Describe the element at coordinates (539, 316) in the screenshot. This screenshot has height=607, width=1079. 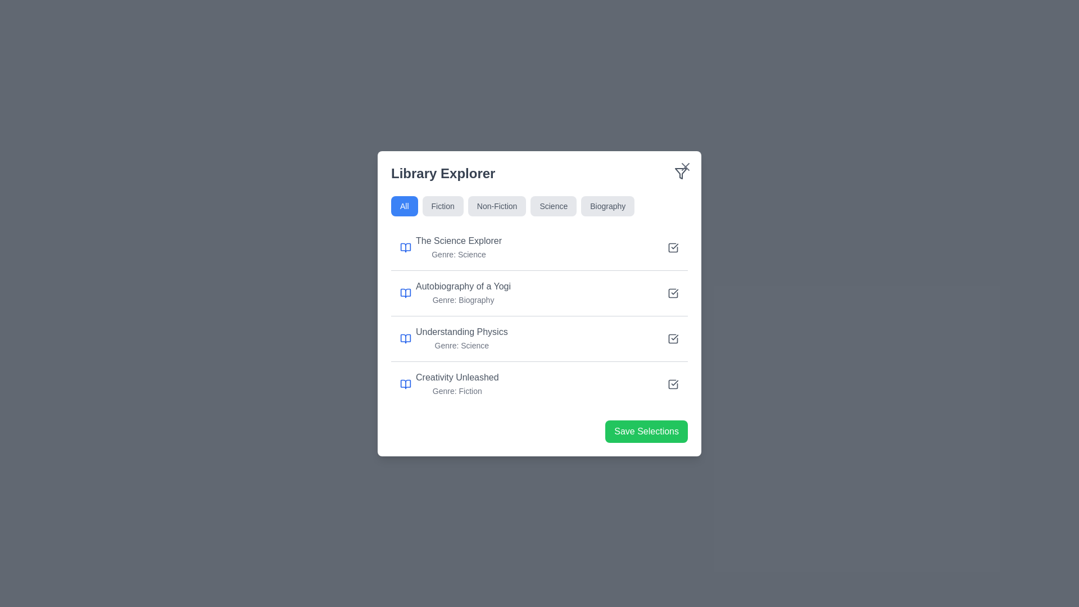
I see `the list item that reads 'Autobiography of a Yogi' with the genre 'Biography' below it, located in the second row of the list` at that location.